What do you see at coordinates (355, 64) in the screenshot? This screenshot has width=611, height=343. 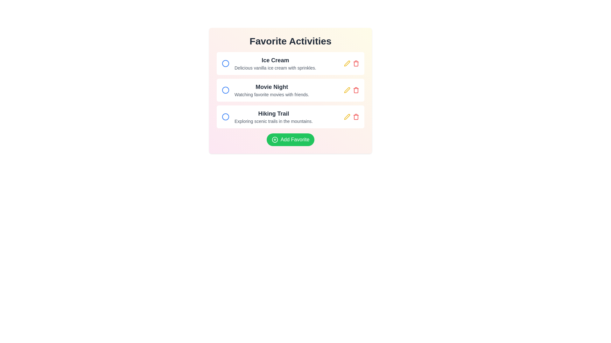 I see `the trash icon located in the upper-right corner of the 'Ice Cream' list item under the 'Favorite Activities' section` at bounding box center [355, 64].